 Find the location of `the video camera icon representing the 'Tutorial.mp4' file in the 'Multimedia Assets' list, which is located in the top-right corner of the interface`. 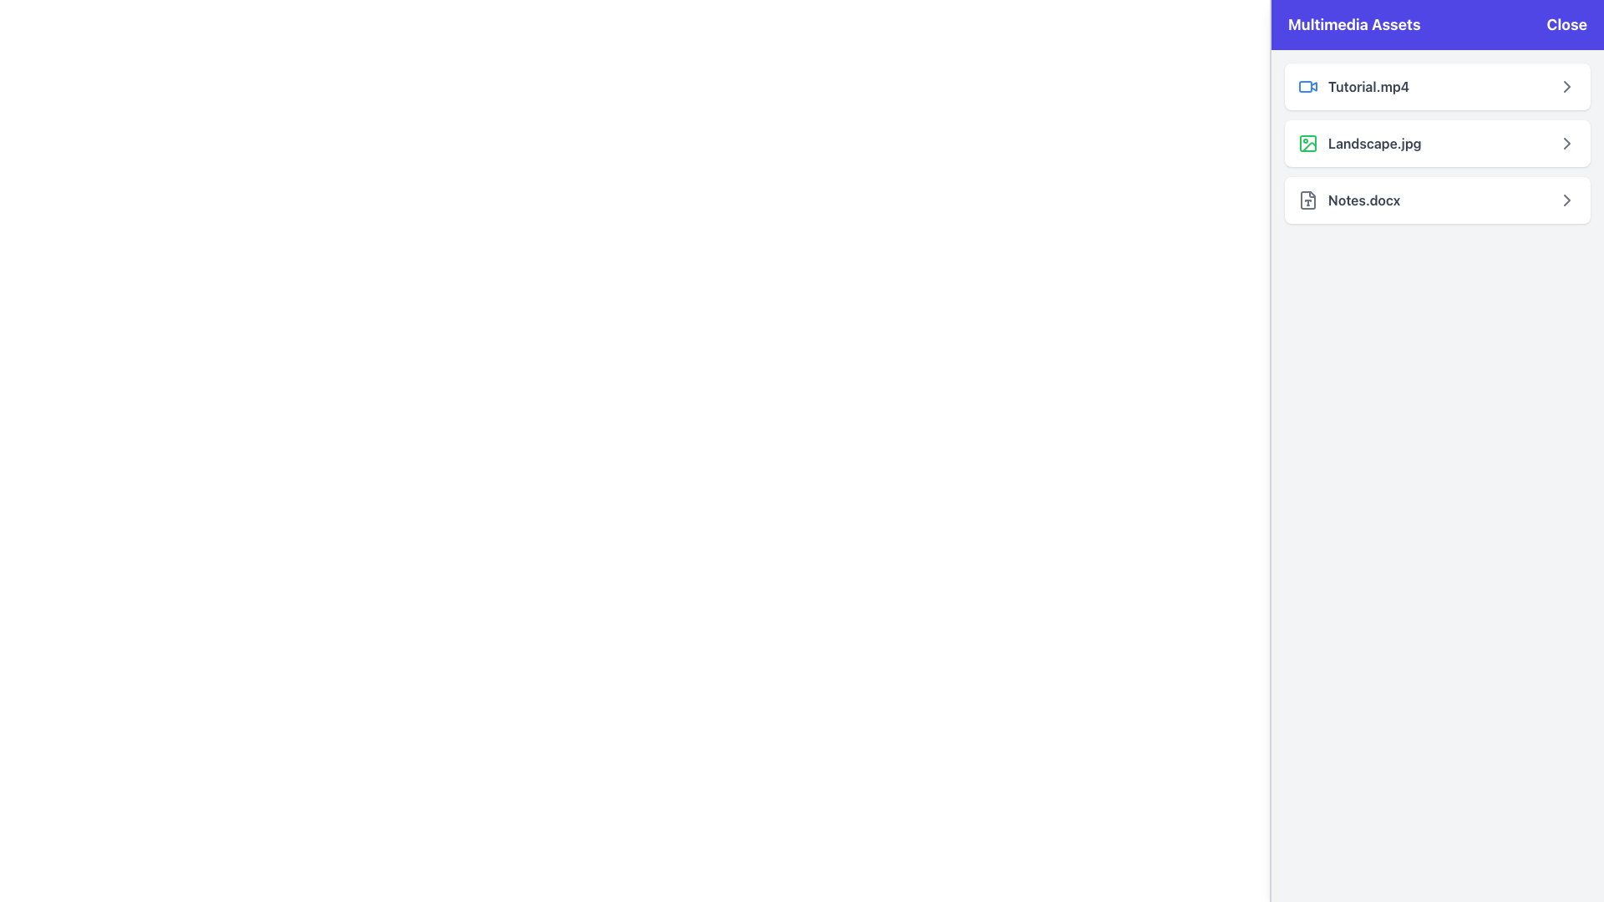

the video camera icon representing the 'Tutorial.mp4' file in the 'Multimedia Assets' list, which is located in the top-right corner of the interface is located at coordinates (1305, 87).